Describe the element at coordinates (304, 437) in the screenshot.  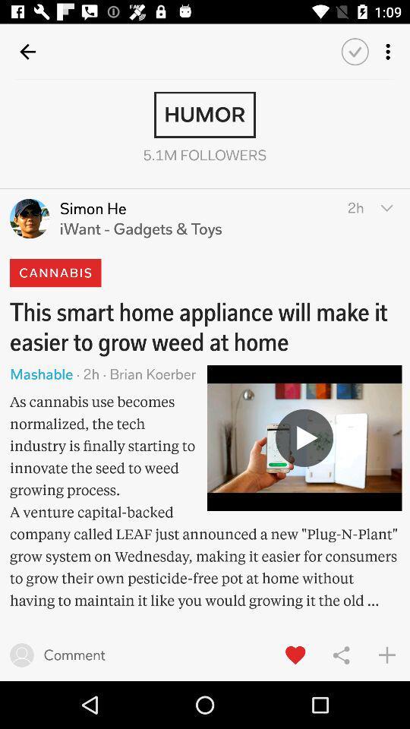
I see `the play icon` at that location.